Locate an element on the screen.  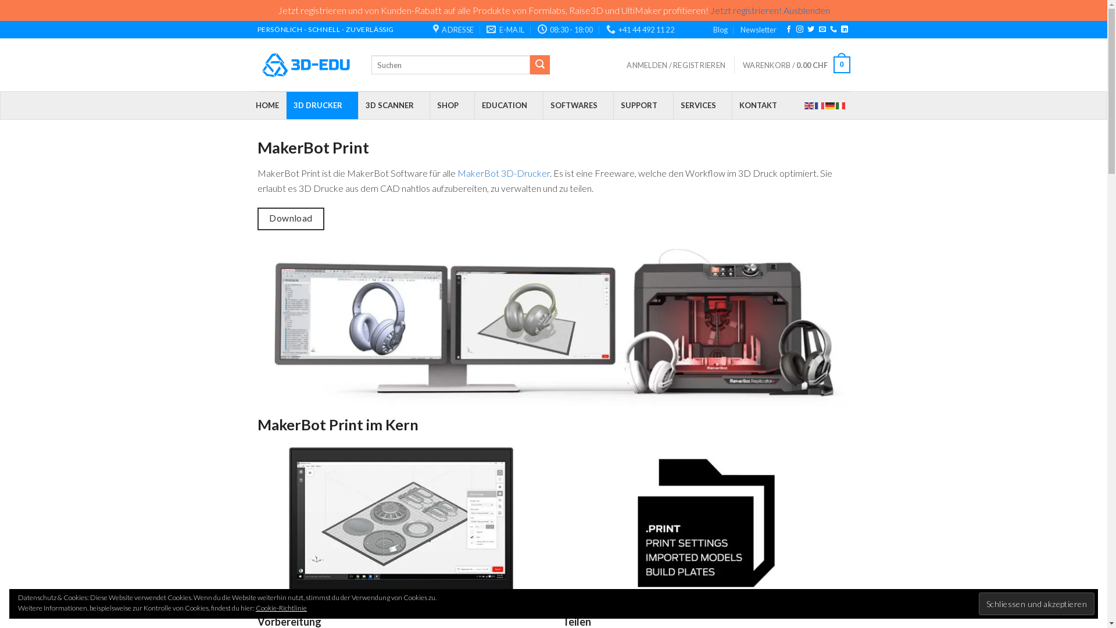
'SOFTWARES' is located at coordinates (578, 105).